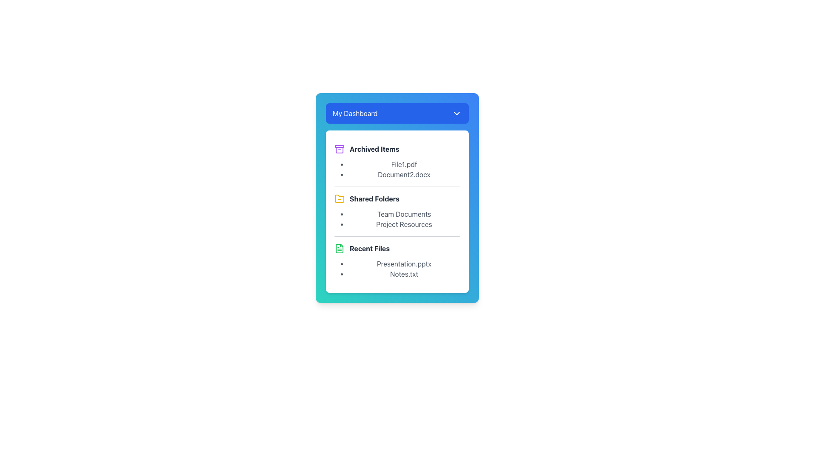 The height and width of the screenshot is (459, 816). Describe the element at coordinates (403, 214) in the screenshot. I see `the 'Team Documents' text label, which is the first item in the 'Shared Folders' section, located just below the 'Shared Folders' label` at that location.